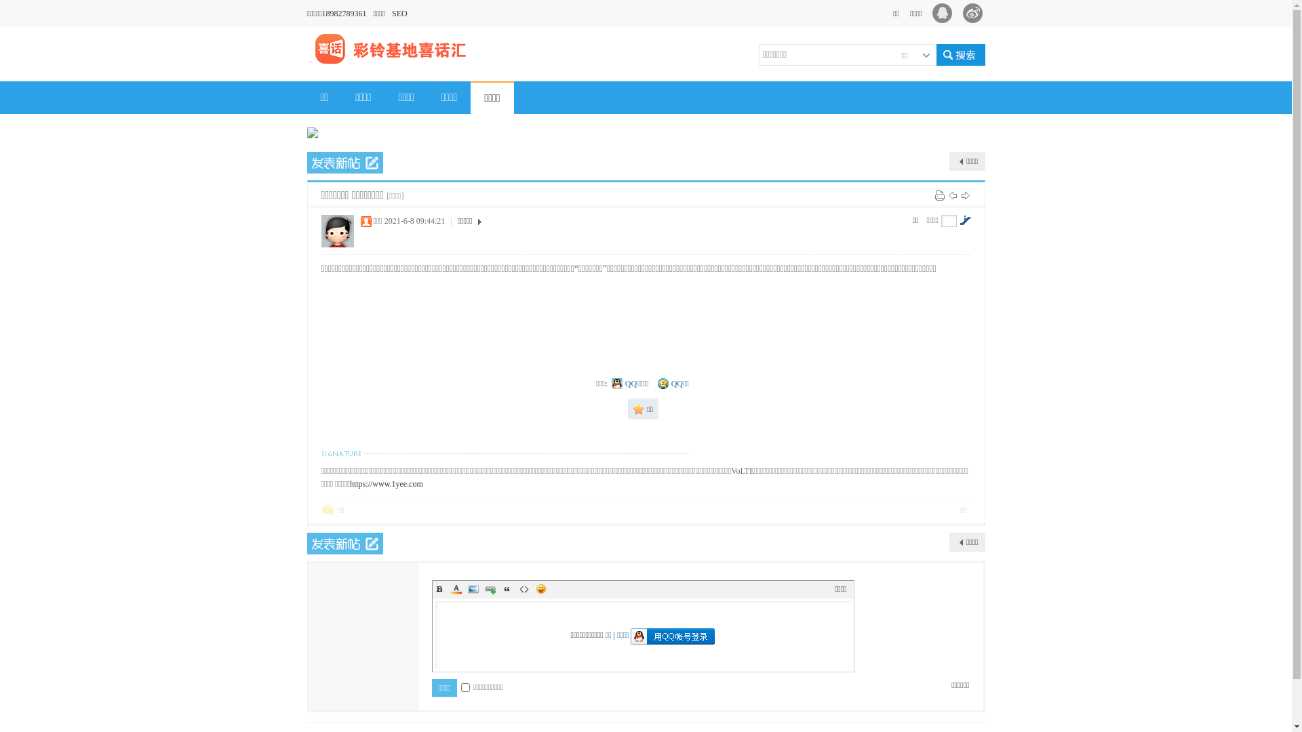 The width and height of the screenshot is (1302, 732). What do you see at coordinates (516, 588) in the screenshot?
I see `'Code'` at bounding box center [516, 588].